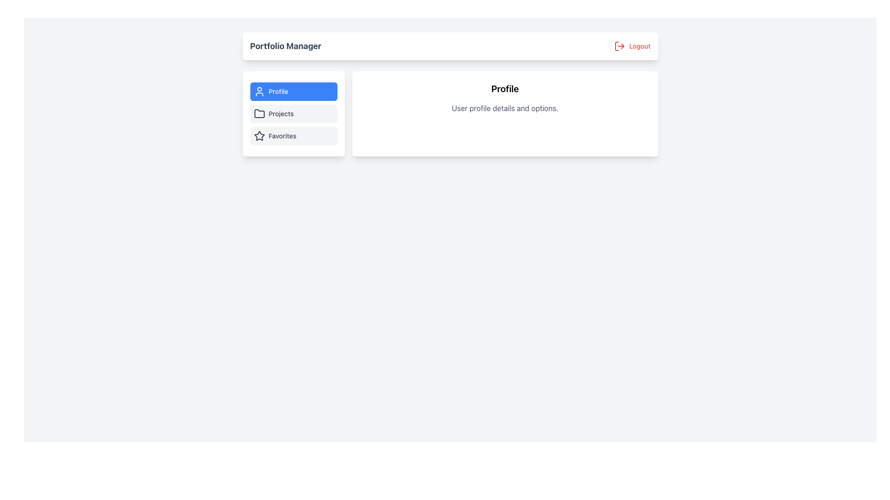 Image resolution: width=890 pixels, height=500 pixels. I want to click on the 'Projects' button in the sidebar menu, which is the second item under 'Profile Projects Favorites', so click(293, 113).